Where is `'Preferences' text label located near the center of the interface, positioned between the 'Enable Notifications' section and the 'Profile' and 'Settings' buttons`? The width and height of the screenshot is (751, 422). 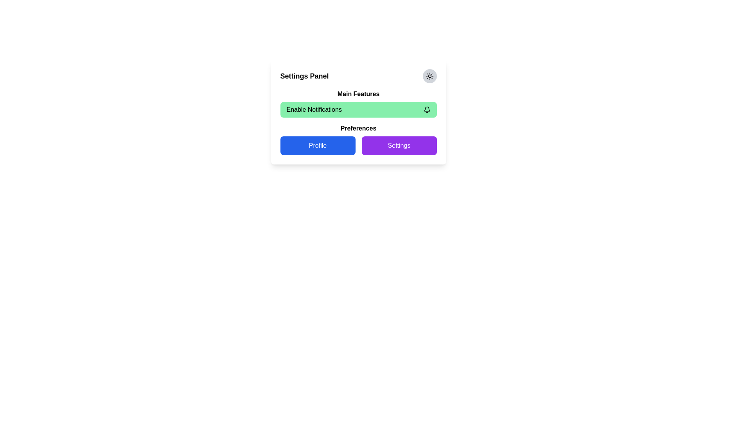
'Preferences' text label located near the center of the interface, positioned between the 'Enable Notifications' section and the 'Profile' and 'Settings' buttons is located at coordinates (358, 128).